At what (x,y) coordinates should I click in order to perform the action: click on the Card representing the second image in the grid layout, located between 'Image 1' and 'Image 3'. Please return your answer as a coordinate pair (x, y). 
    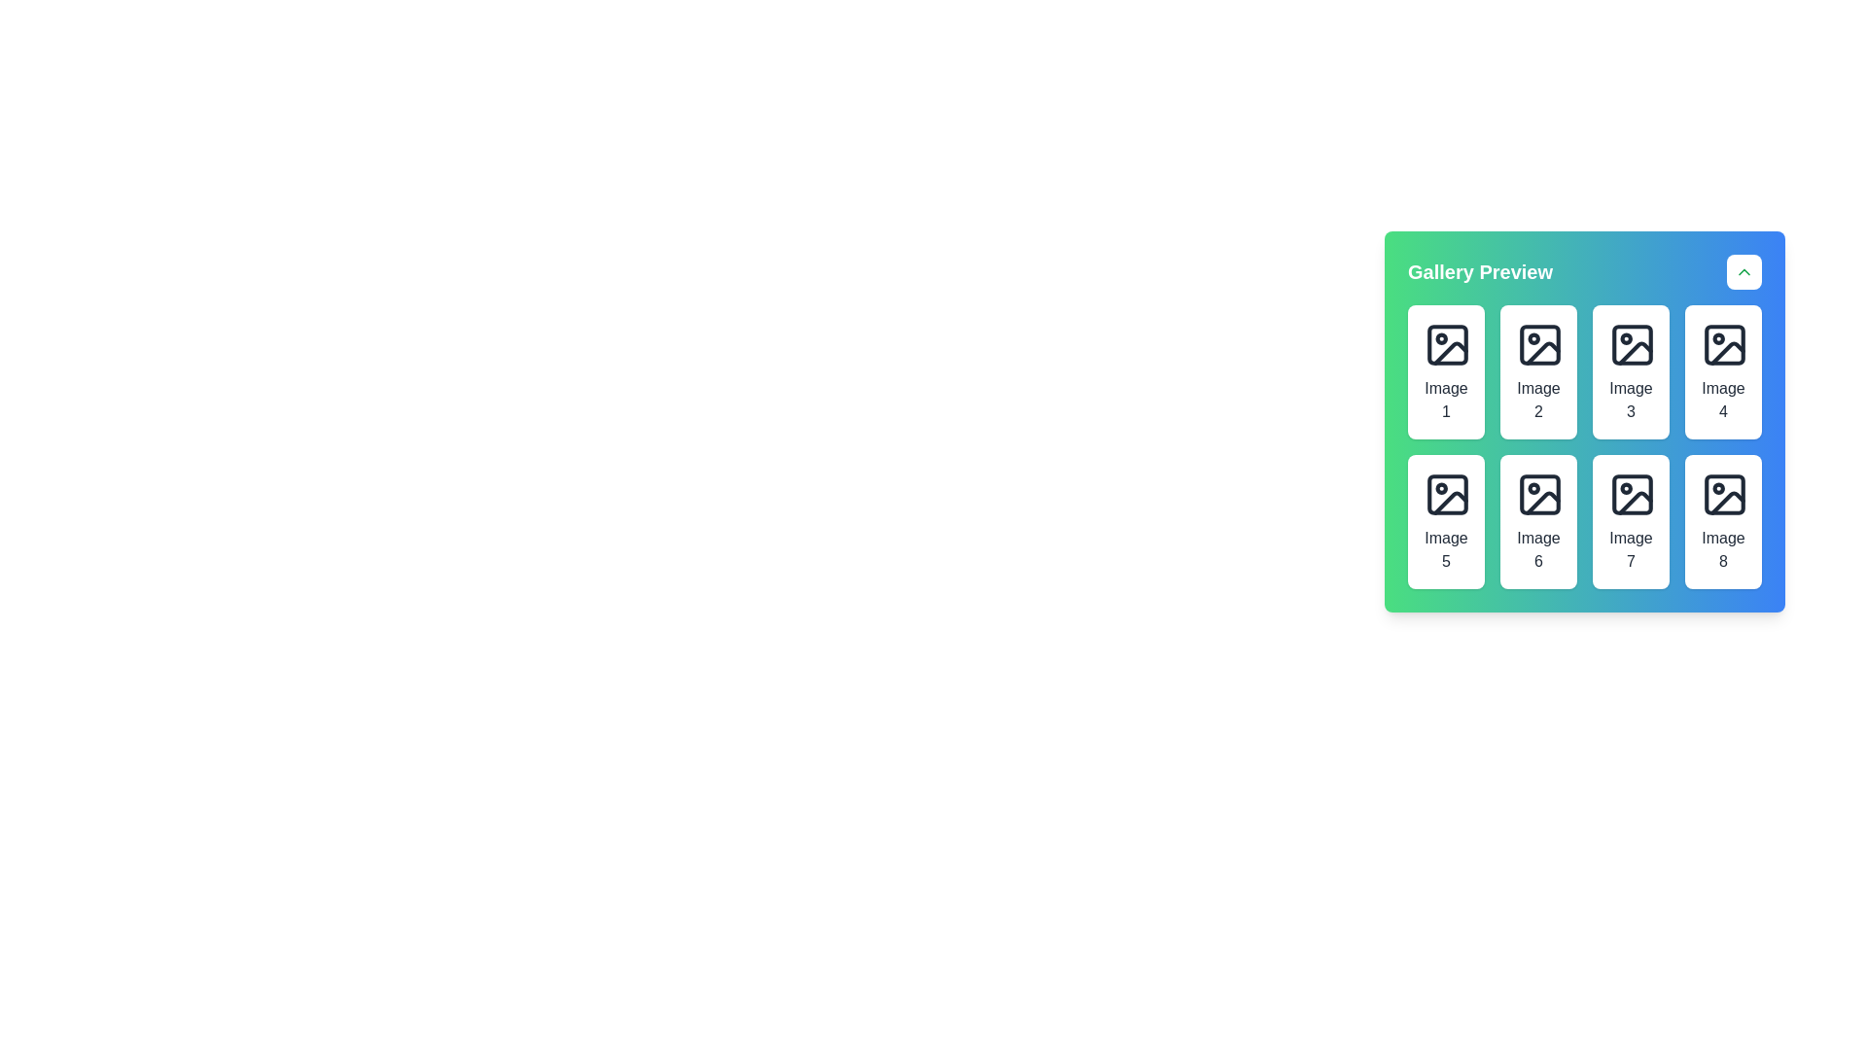
    Looking at the image, I should click on (1537, 371).